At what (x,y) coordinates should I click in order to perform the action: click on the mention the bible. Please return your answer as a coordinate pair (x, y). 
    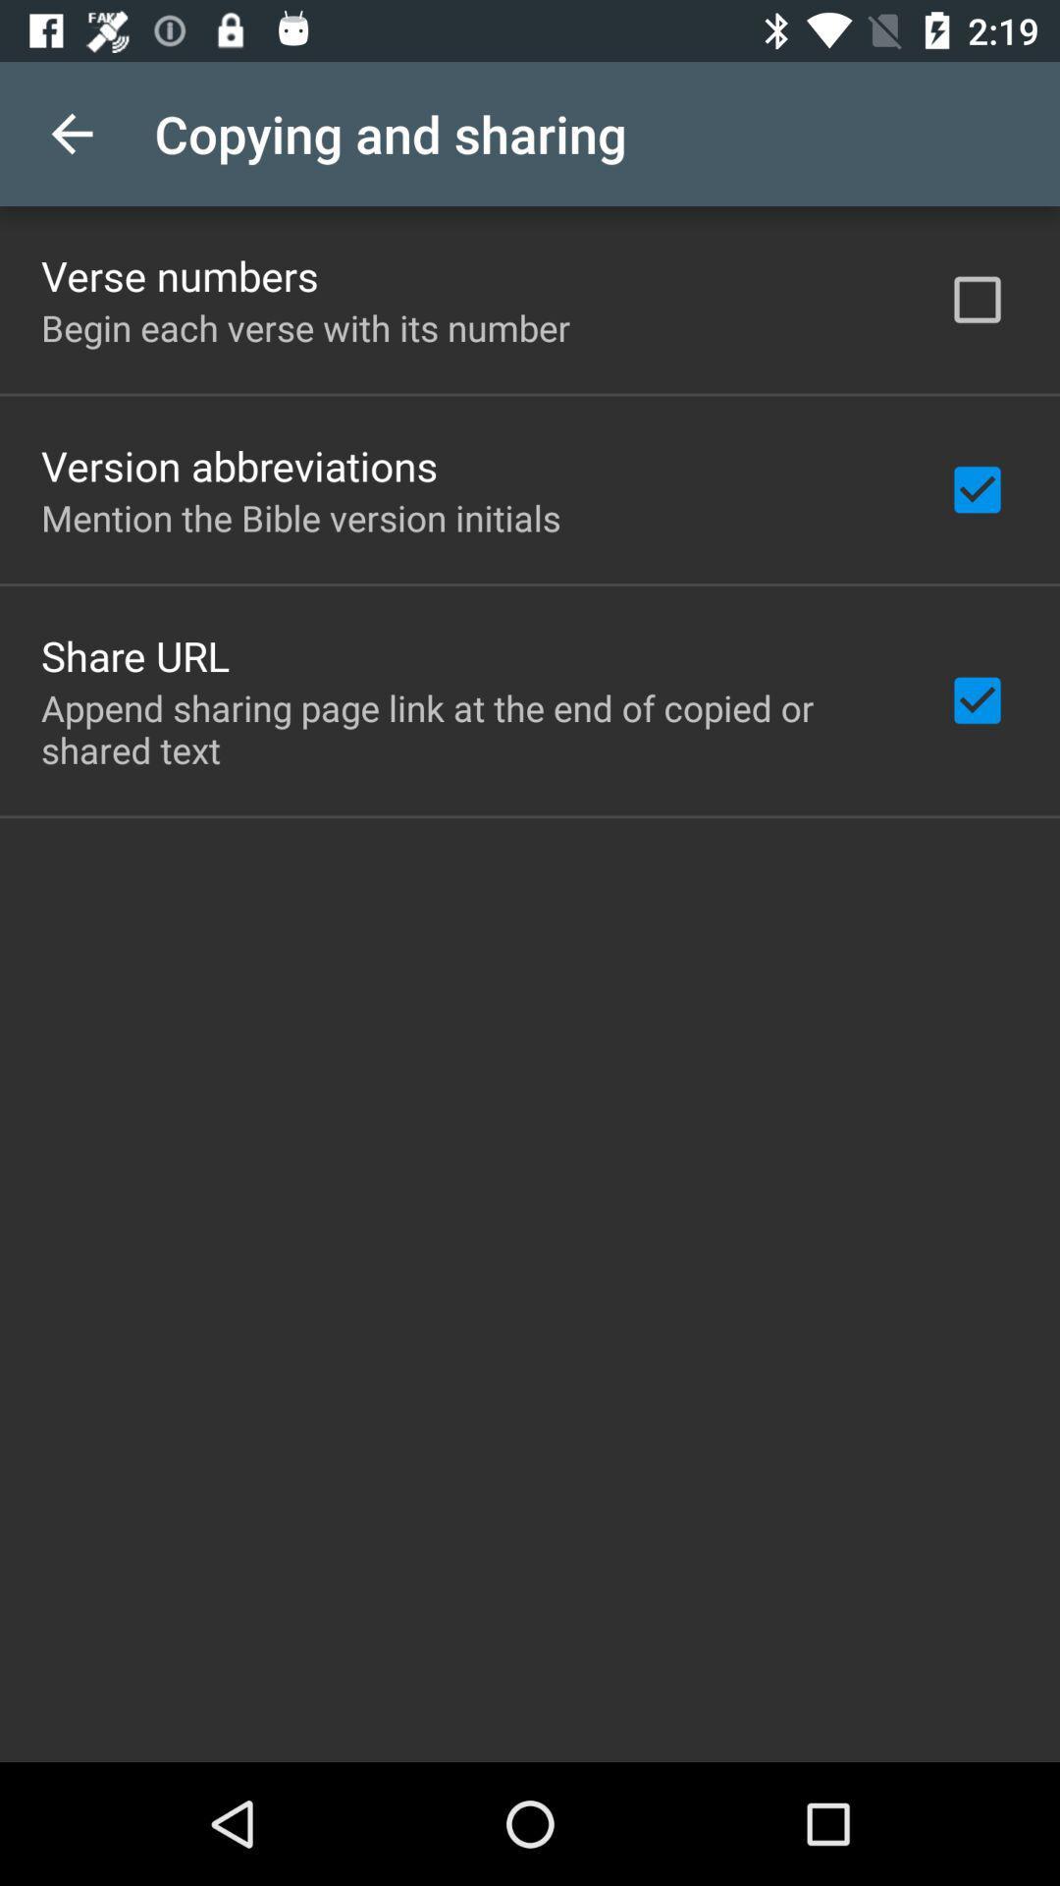
    Looking at the image, I should click on (300, 518).